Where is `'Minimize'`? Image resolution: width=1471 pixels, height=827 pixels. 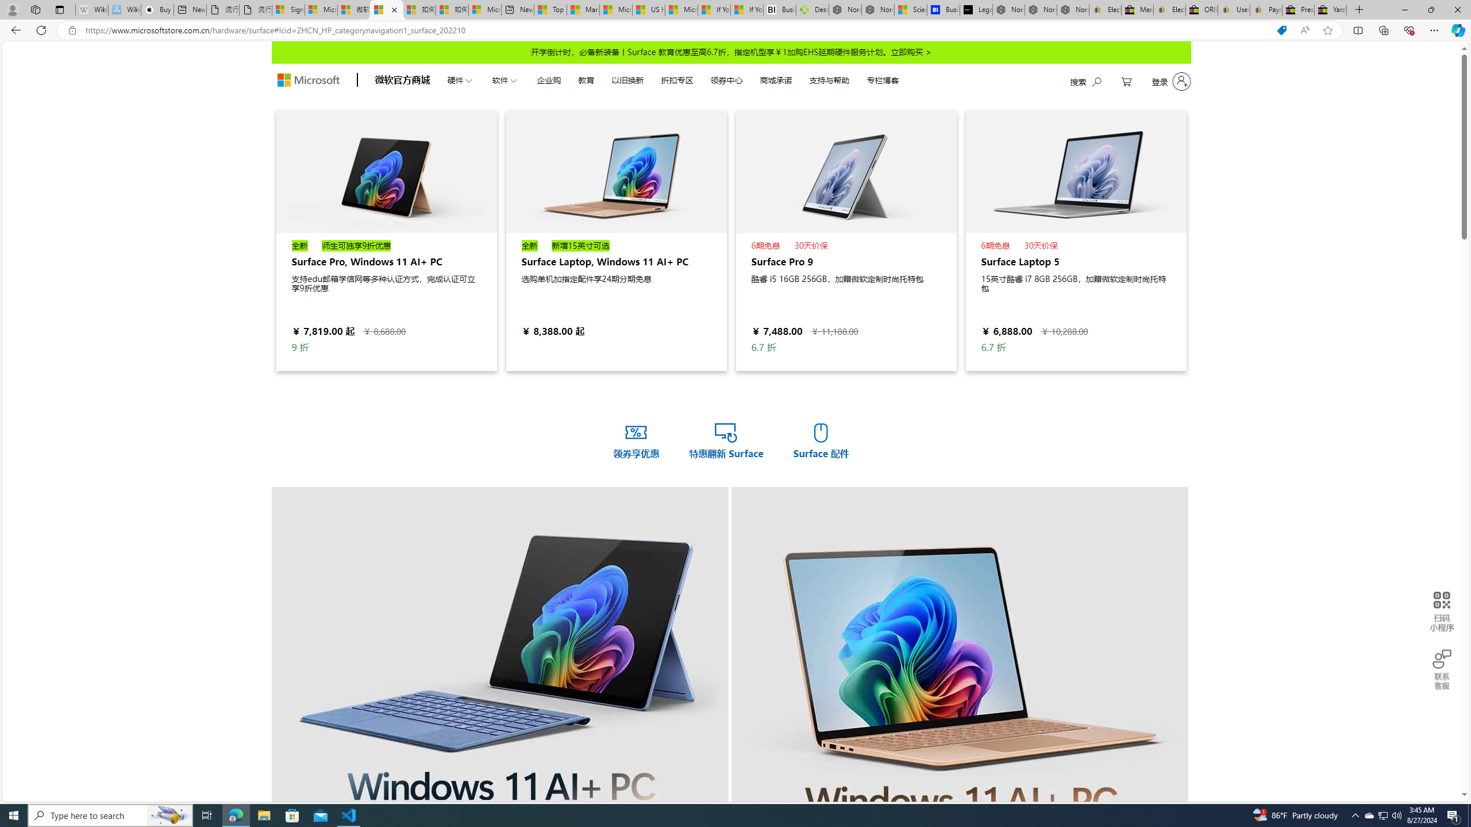 'Minimize' is located at coordinates (1404, 9).